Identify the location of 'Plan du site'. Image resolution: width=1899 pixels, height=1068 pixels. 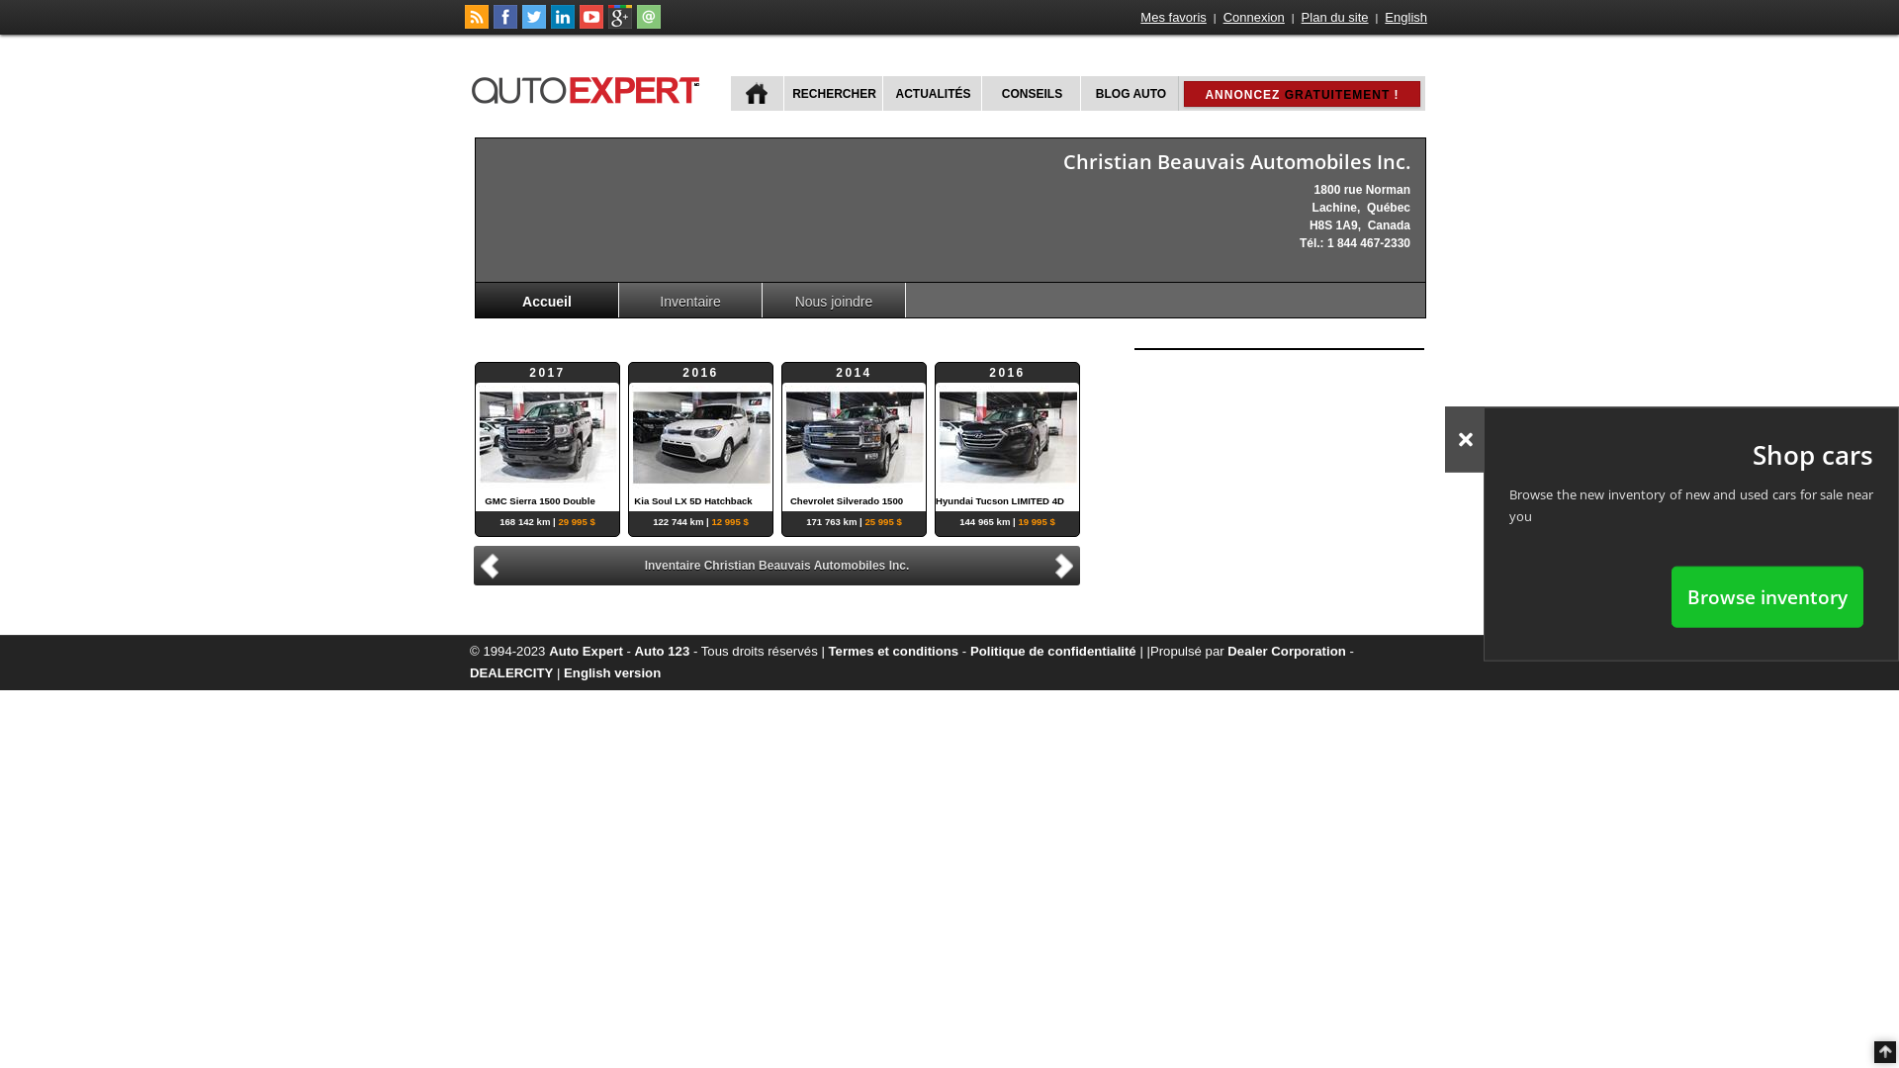
(1300, 17).